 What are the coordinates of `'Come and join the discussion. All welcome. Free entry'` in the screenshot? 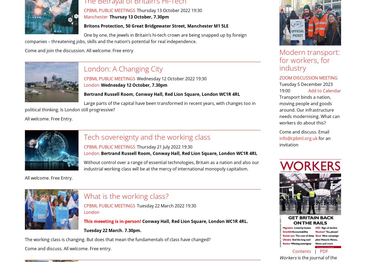 It's located at (25, 51).